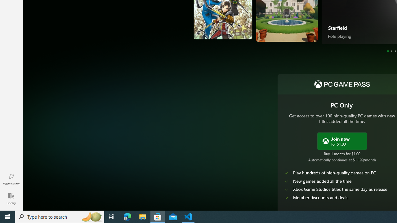 This screenshot has width=397, height=223. What do you see at coordinates (341, 141) in the screenshot?
I see `'Join PC Game Pass now for $1.00'` at bounding box center [341, 141].